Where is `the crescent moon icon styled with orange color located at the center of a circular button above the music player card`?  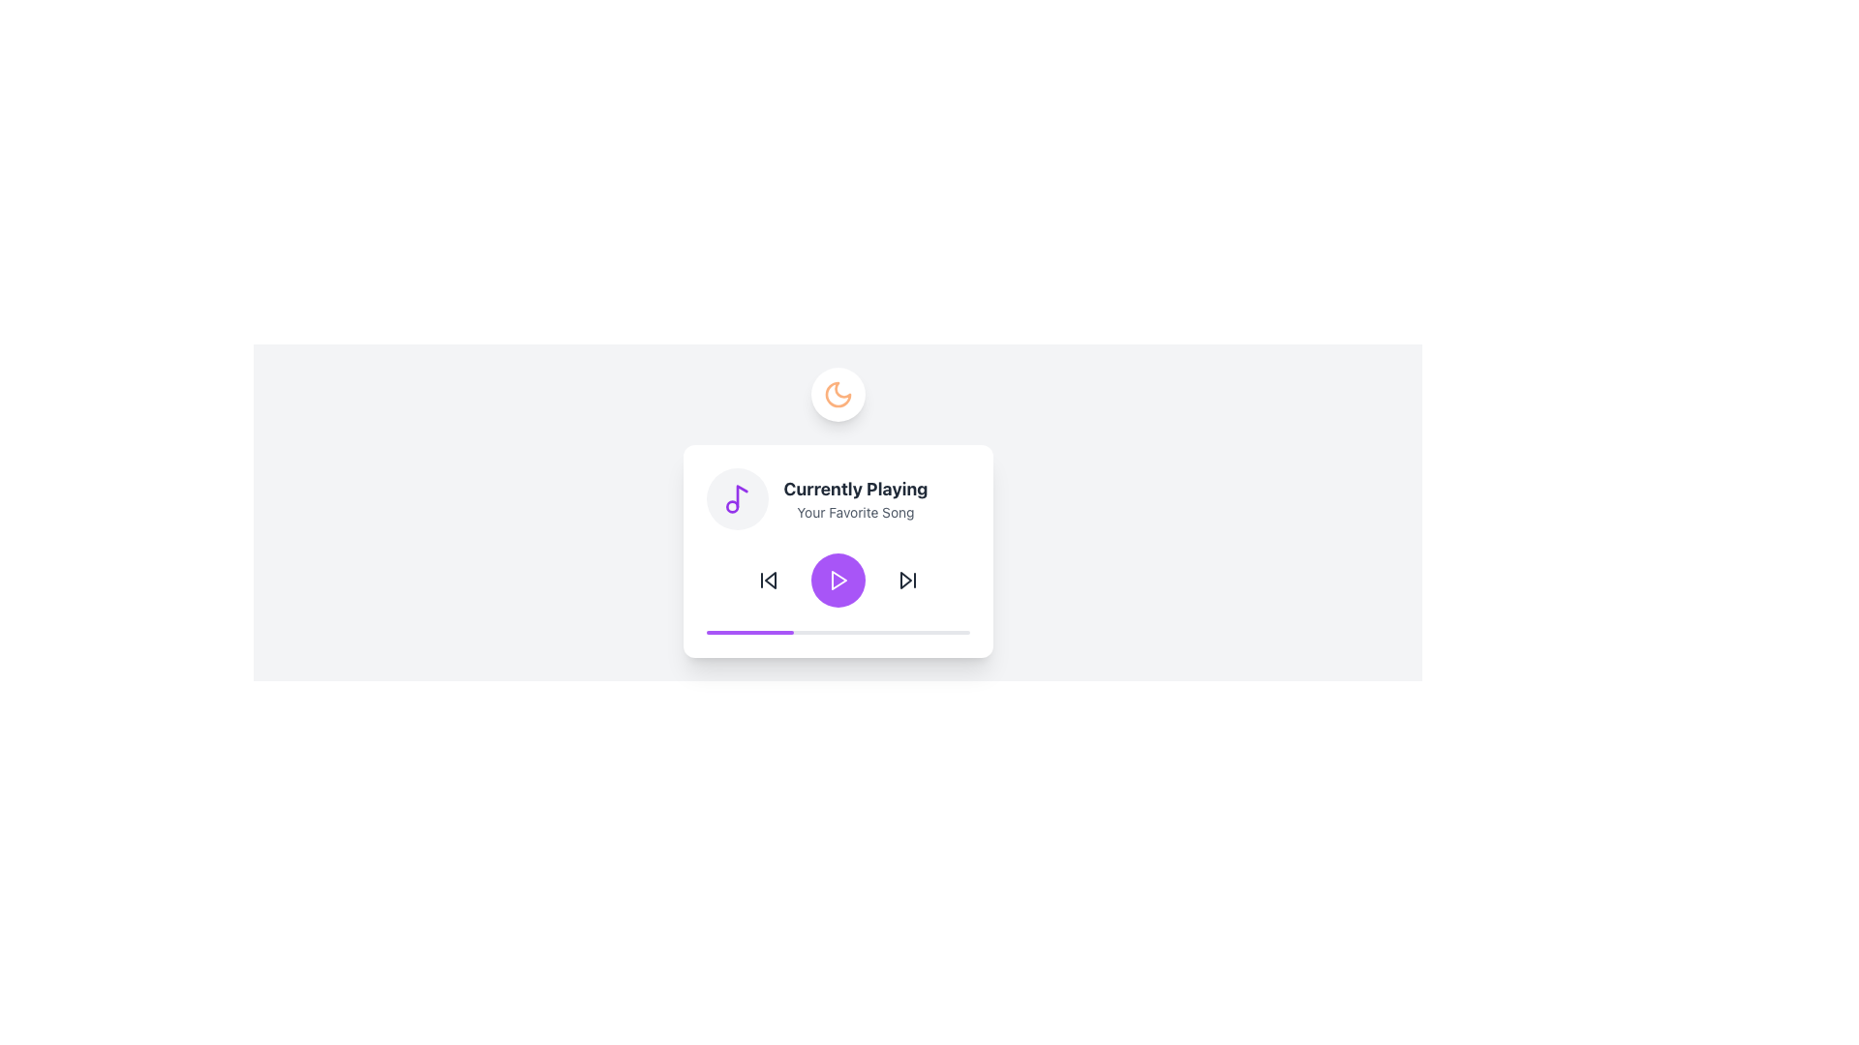 the crescent moon icon styled with orange color located at the center of a circular button above the music player card is located at coordinates (838, 394).